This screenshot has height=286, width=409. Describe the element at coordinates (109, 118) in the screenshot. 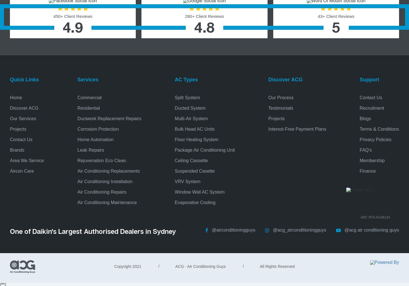

I see `'Ductwork Replacement Repairs'` at that location.